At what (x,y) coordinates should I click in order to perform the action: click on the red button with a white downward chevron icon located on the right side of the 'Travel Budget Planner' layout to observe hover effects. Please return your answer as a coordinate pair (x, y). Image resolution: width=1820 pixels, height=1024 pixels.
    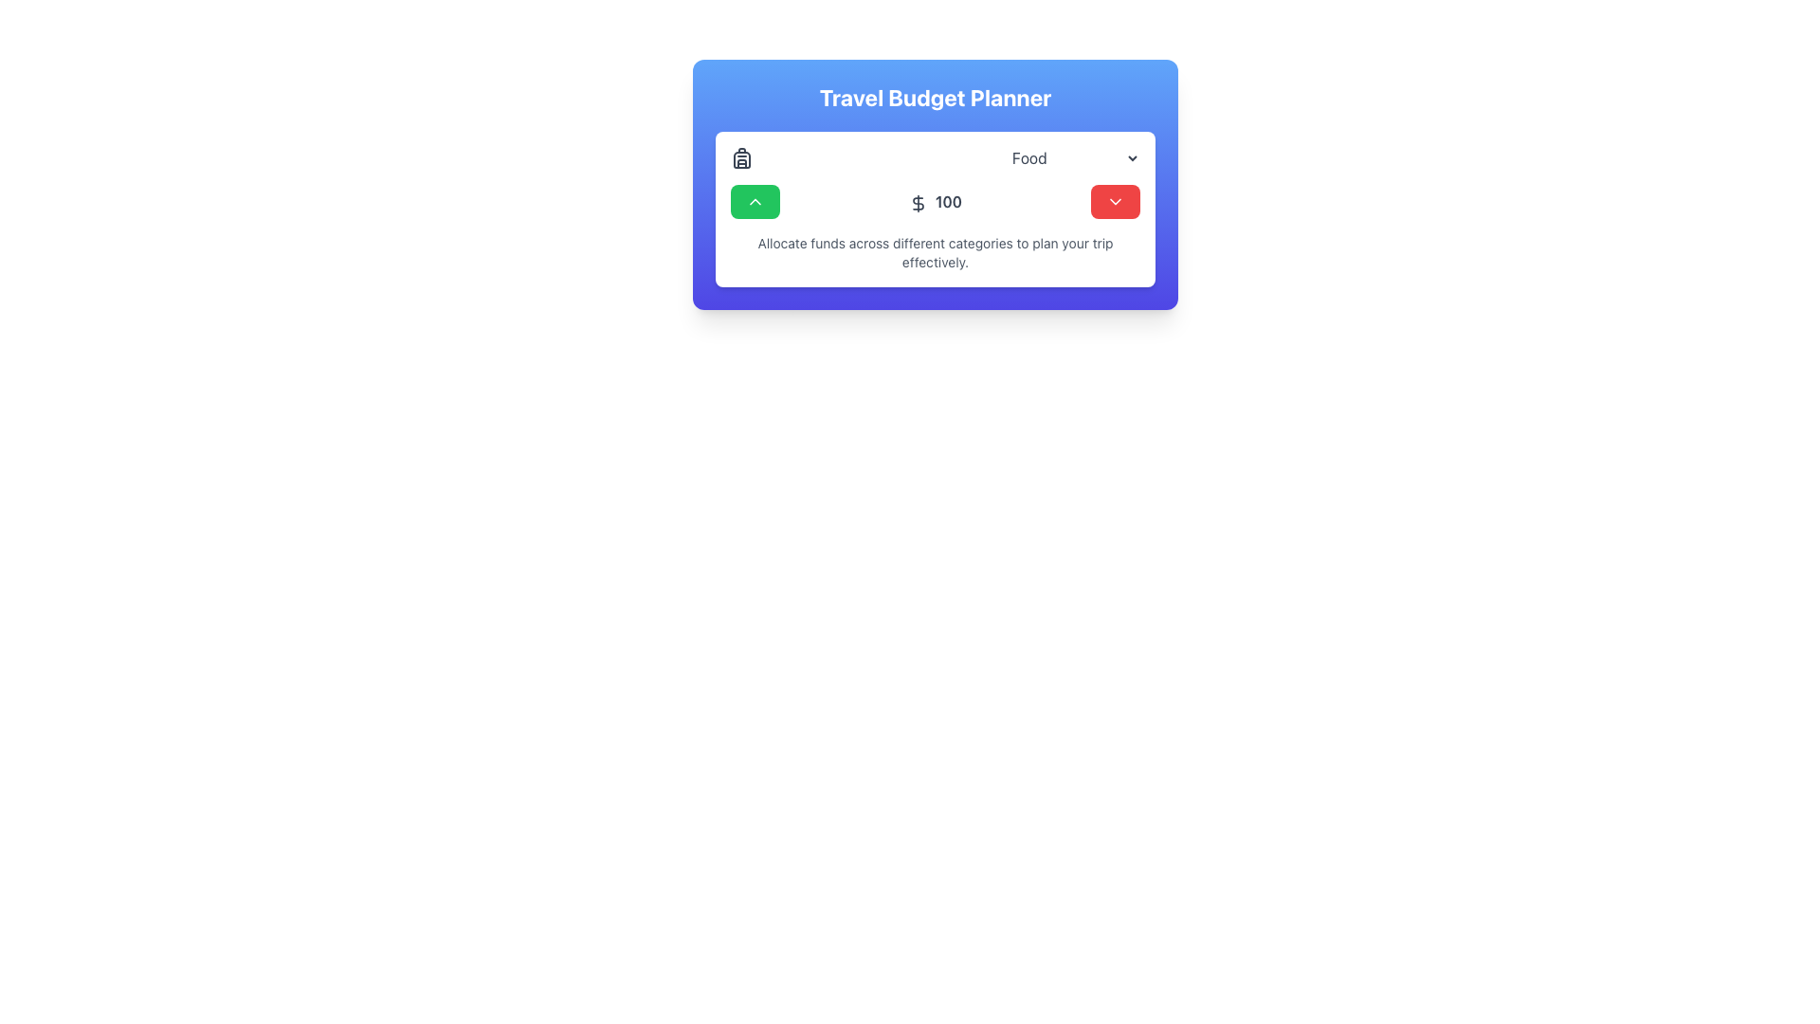
    Looking at the image, I should click on (1115, 201).